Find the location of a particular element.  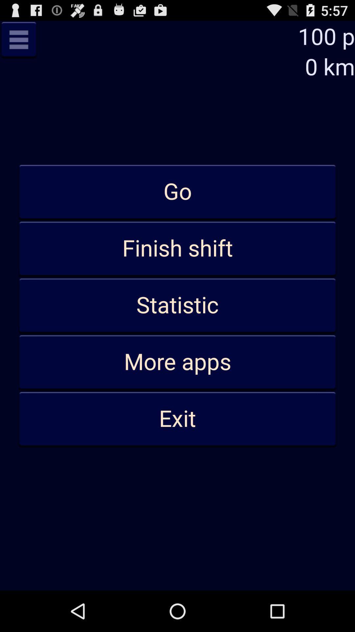

statistic is located at coordinates (177, 305).